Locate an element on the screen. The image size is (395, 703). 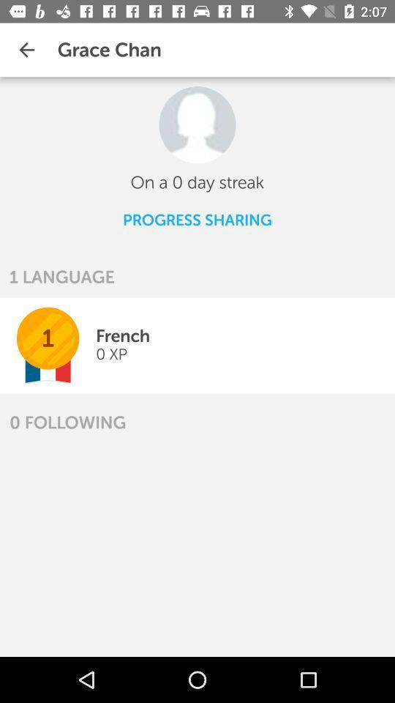
the icon above the 0 following icon is located at coordinates (110, 353).